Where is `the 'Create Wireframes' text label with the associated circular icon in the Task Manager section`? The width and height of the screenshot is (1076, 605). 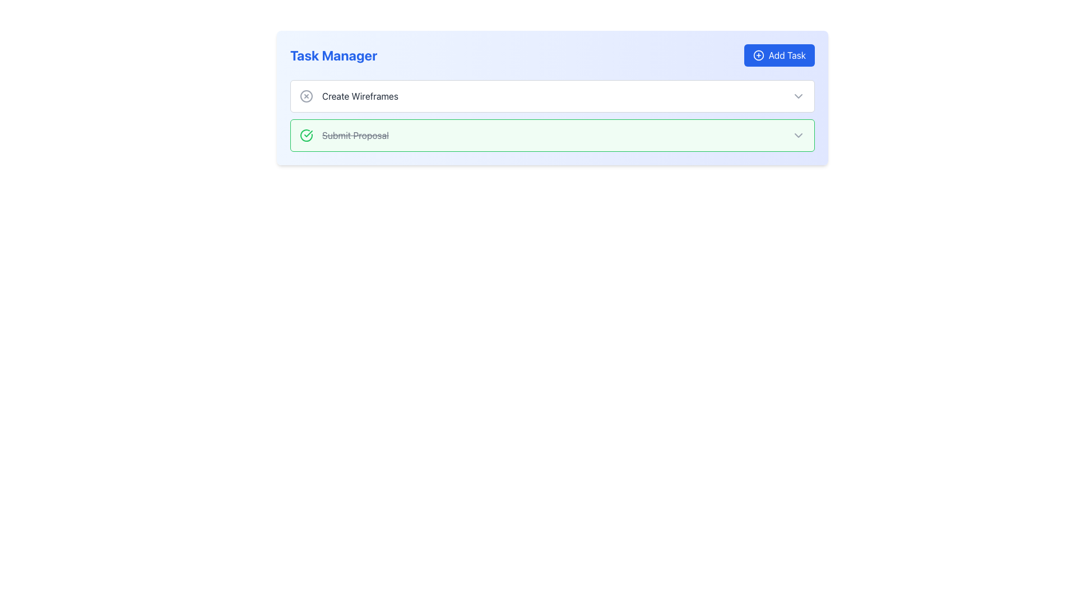
the 'Create Wireframes' text label with the associated circular icon in the Task Manager section is located at coordinates (349, 96).